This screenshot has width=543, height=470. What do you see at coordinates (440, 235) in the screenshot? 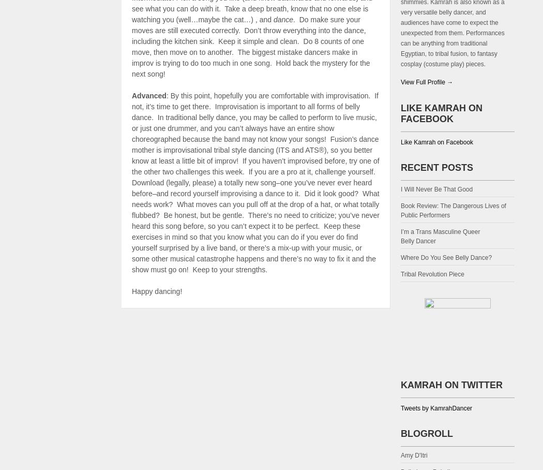
I see `'I’m a Trans Masculine Queer Belly Dancer'` at bounding box center [440, 235].